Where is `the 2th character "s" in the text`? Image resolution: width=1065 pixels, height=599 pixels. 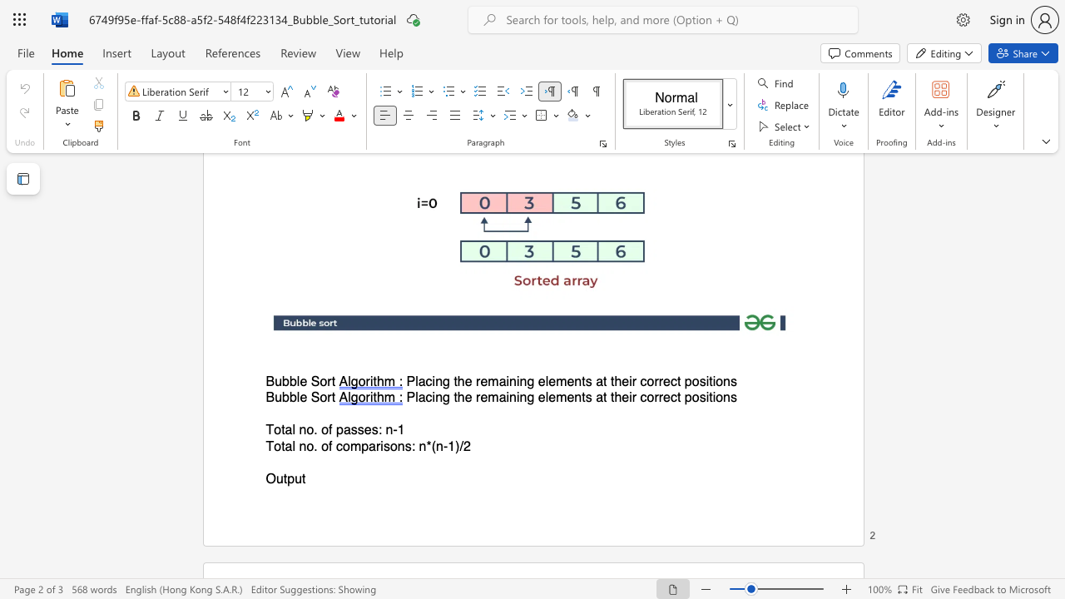
the 2th character "s" in the text is located at coordinates (359, 429).